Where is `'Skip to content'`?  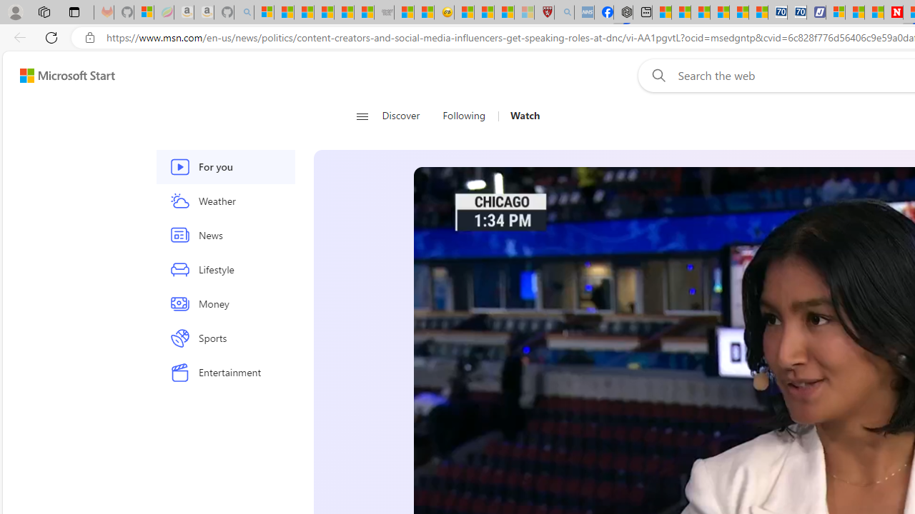 'Skip to content' is located at coordinates (61, 75).